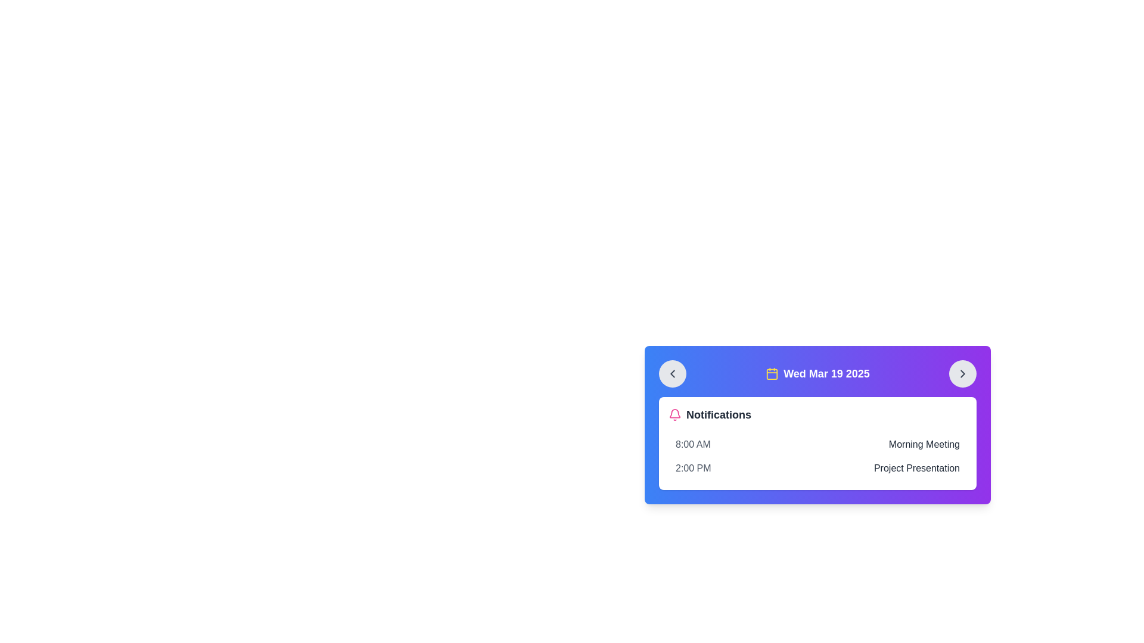 Image resolution: width=1144 pixels, height=643 pixels. What do you see at coordinates (963, 373) in the screenshot?
I see `the right-facing chevron arrow icon located at the center of a circular button with a light gray background in the top-right corner of the card-like UI for navigation` at bounding box center [963, 373].